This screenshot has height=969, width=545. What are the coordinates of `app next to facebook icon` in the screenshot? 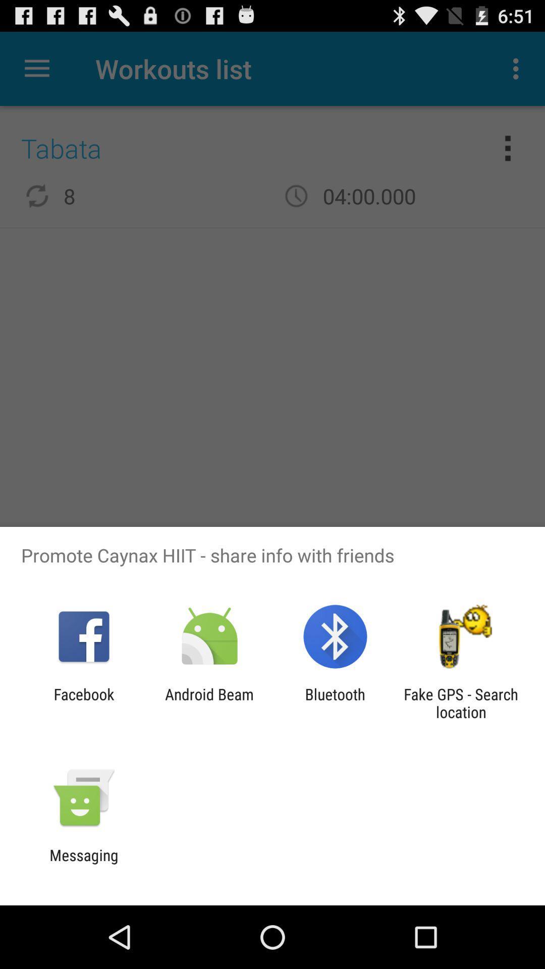 It's located at (209, 703).